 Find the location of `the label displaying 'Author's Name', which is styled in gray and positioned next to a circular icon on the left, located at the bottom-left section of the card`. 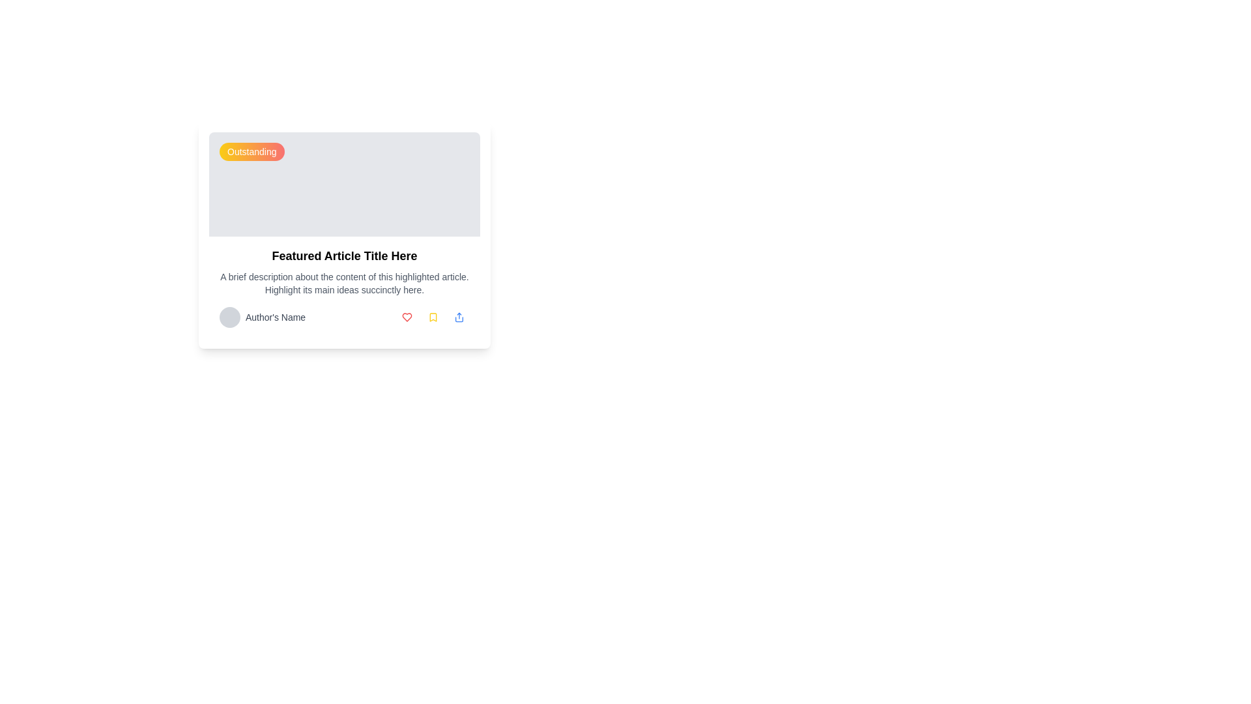

the label displaying 'Author's Name', which is styled in gray and positioned next to a circular icon on the left, located at the bottom-left section of the card is located at coordinates (275, 317).